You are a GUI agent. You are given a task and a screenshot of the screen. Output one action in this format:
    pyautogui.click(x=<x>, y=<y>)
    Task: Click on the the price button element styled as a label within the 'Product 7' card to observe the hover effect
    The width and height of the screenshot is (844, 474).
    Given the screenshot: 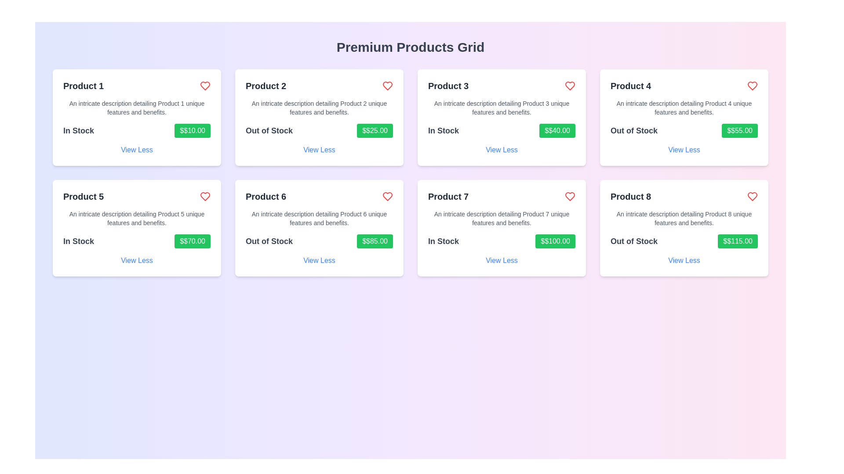 What is the action you would take?
    pyautogui.click(x=555, y=241)
    